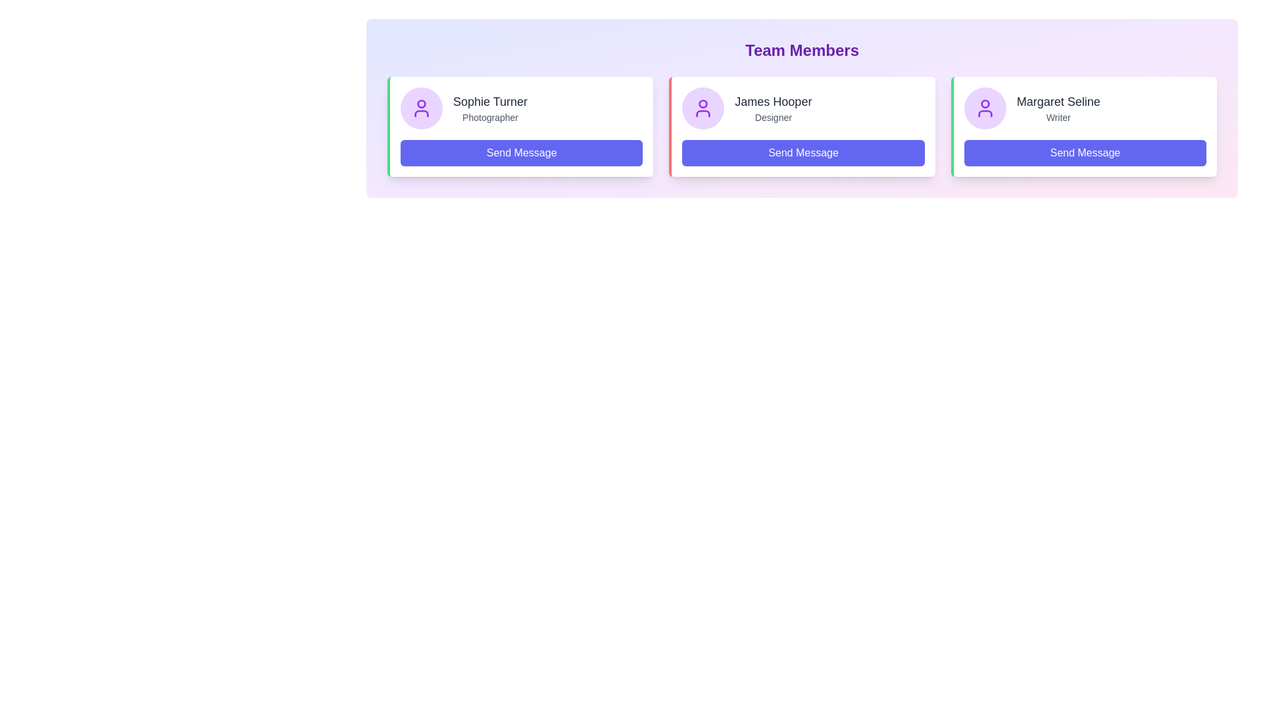  I want to click on text label that reads 'Designer', located beneath the name 'James Hooper' in the user profile card, so click(773, 116).